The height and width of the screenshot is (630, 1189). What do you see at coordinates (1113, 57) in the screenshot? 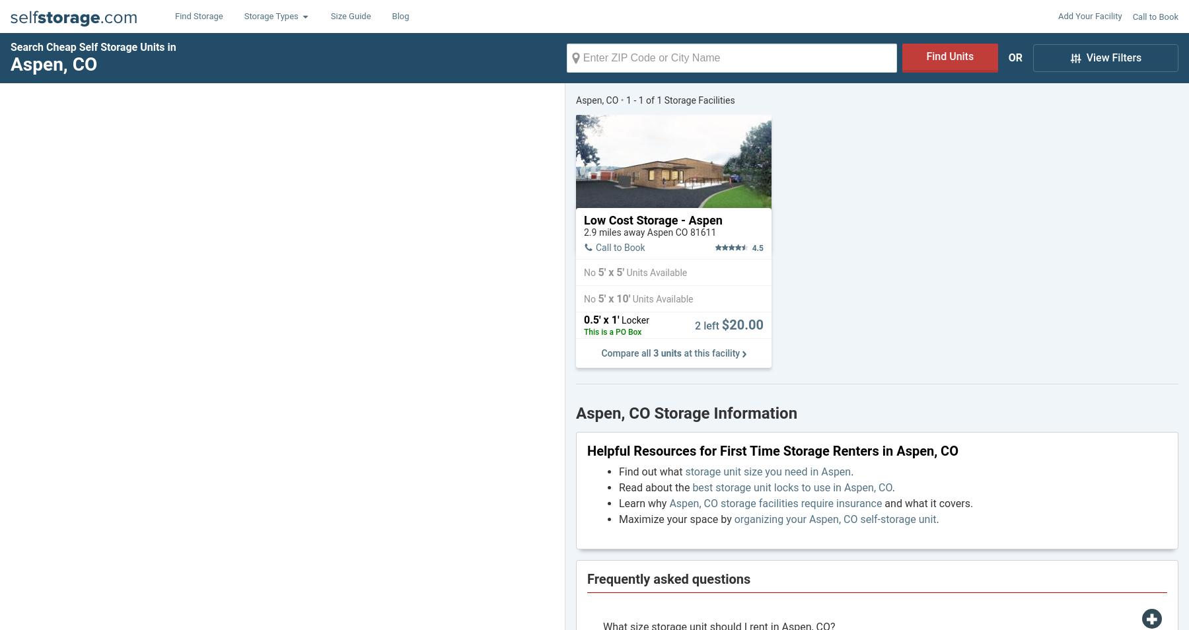
I see `'View Filters'` at bounding box center [1113, 57].